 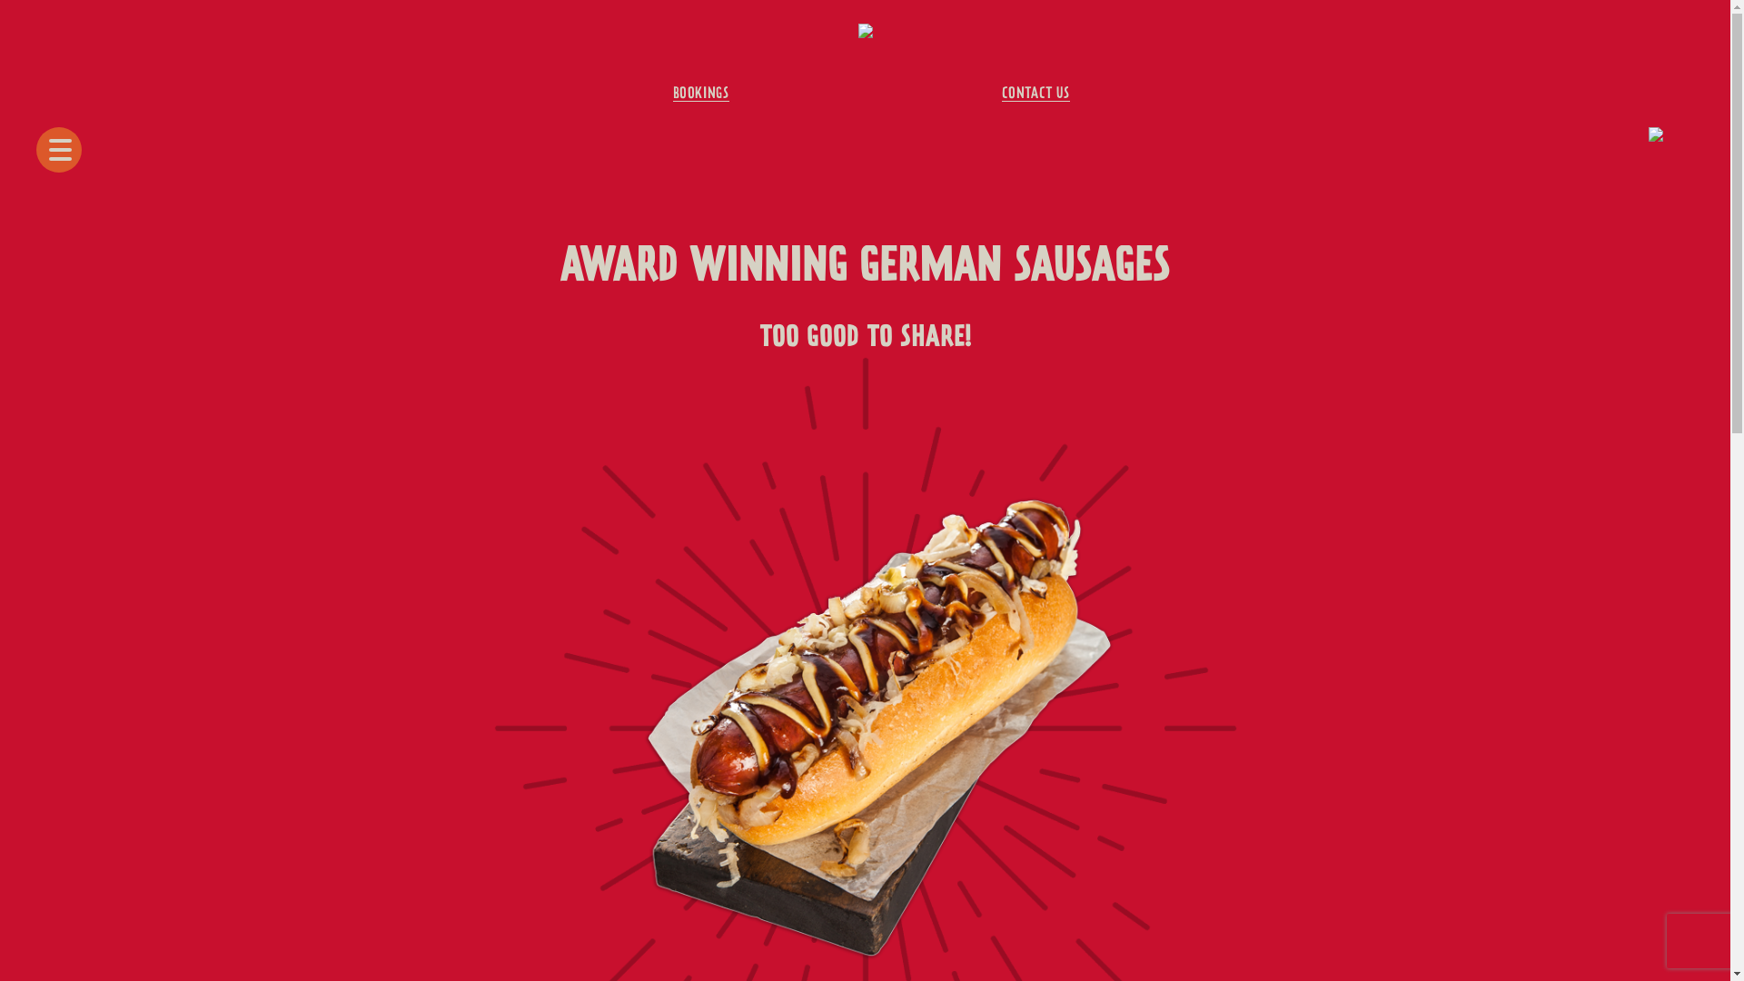 What do you see at coordinates (700, 94) in the screenshot?
I see `'BOOKINGS'` at bounding box center [700, 94].